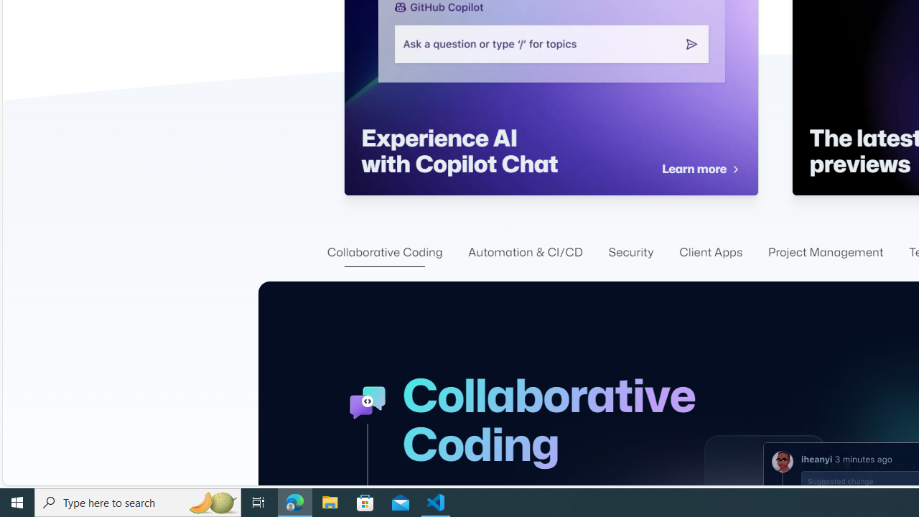  What do you see at coordinates (384, 252) in the screenshot?
I see `'Collaborative Coding'` at bounding box center [384, 252].